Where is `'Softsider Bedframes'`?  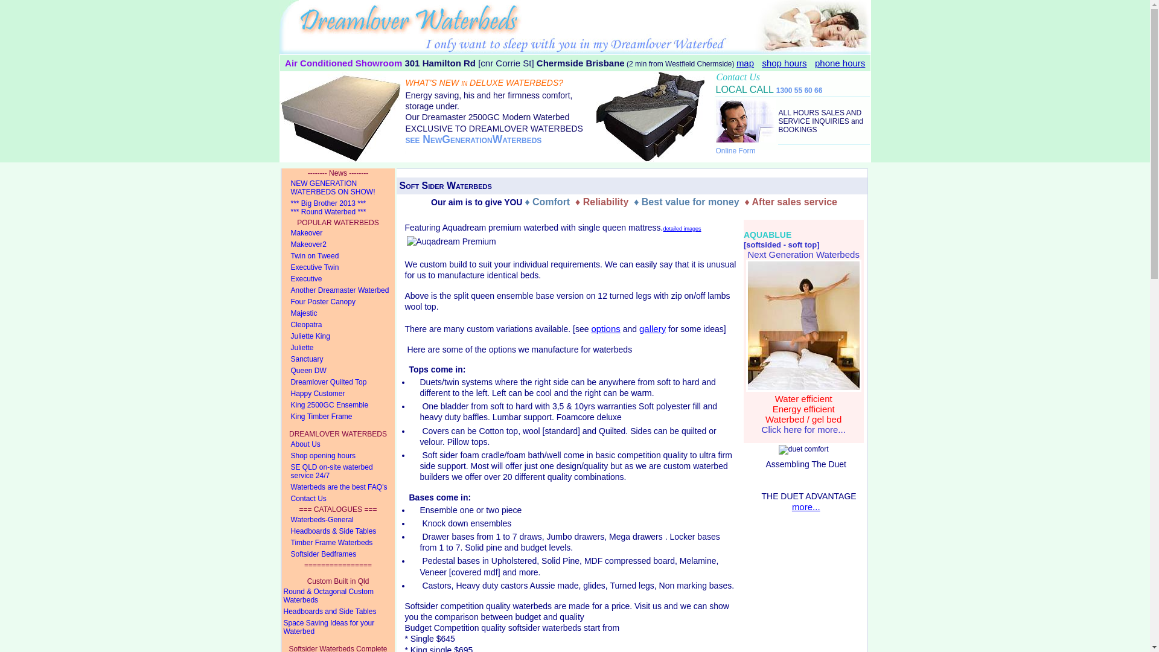
'Softsider Bedframes' is located at coordinates (337, 554).